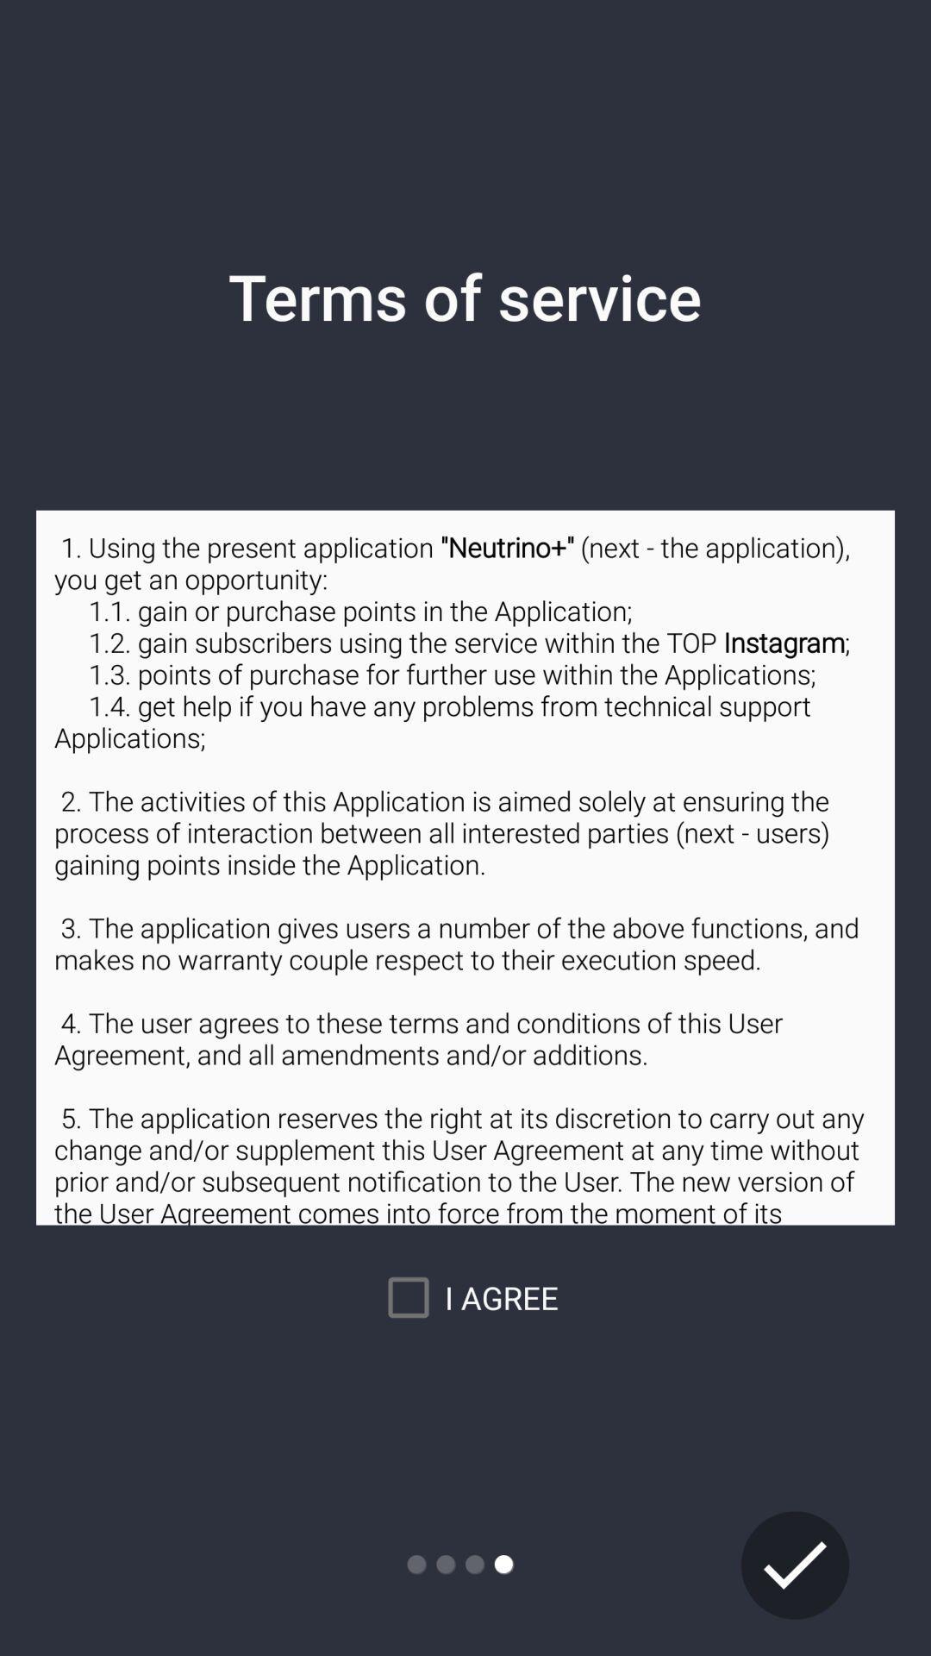  What do you see at coordinates (795, 1565) in the screenshot?
I see `icon below the 1 using the` at bounding box center [795, 1565].